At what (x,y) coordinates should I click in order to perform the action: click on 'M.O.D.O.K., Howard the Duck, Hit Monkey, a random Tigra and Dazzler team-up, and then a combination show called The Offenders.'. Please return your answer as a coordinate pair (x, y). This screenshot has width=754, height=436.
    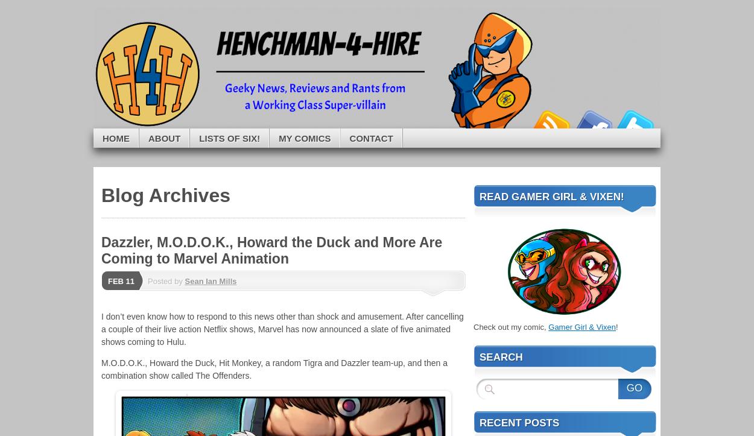
    Looking at the image, I should click on (101, 369).